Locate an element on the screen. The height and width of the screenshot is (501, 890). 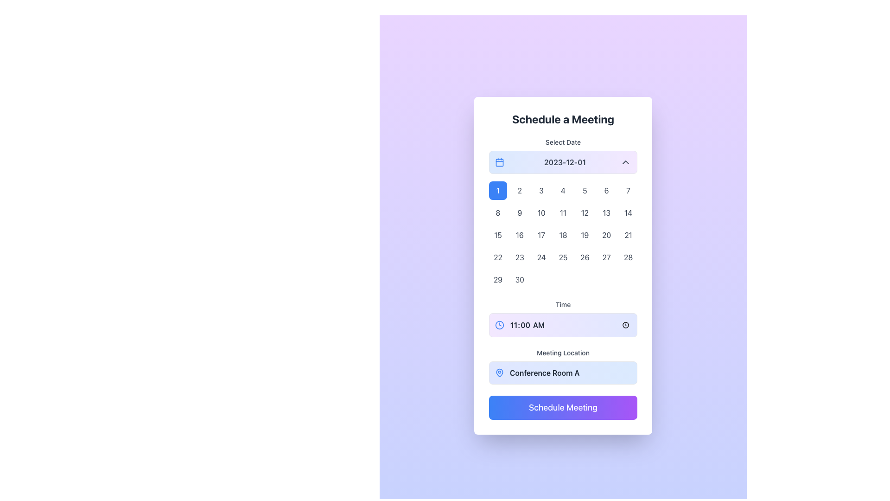
on the text input field for meeting location, which is within a bordered, rounded rectangle with a gradient background, located is located at coordinates (570, 372).